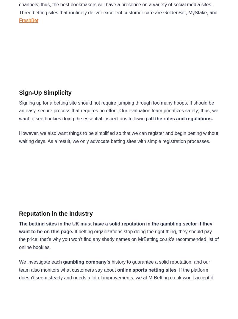  What do you see at coordinates (45, 92) in the screenshot?
I see `'Sign-Up Simplicity'` at bounding box center [45, 92].